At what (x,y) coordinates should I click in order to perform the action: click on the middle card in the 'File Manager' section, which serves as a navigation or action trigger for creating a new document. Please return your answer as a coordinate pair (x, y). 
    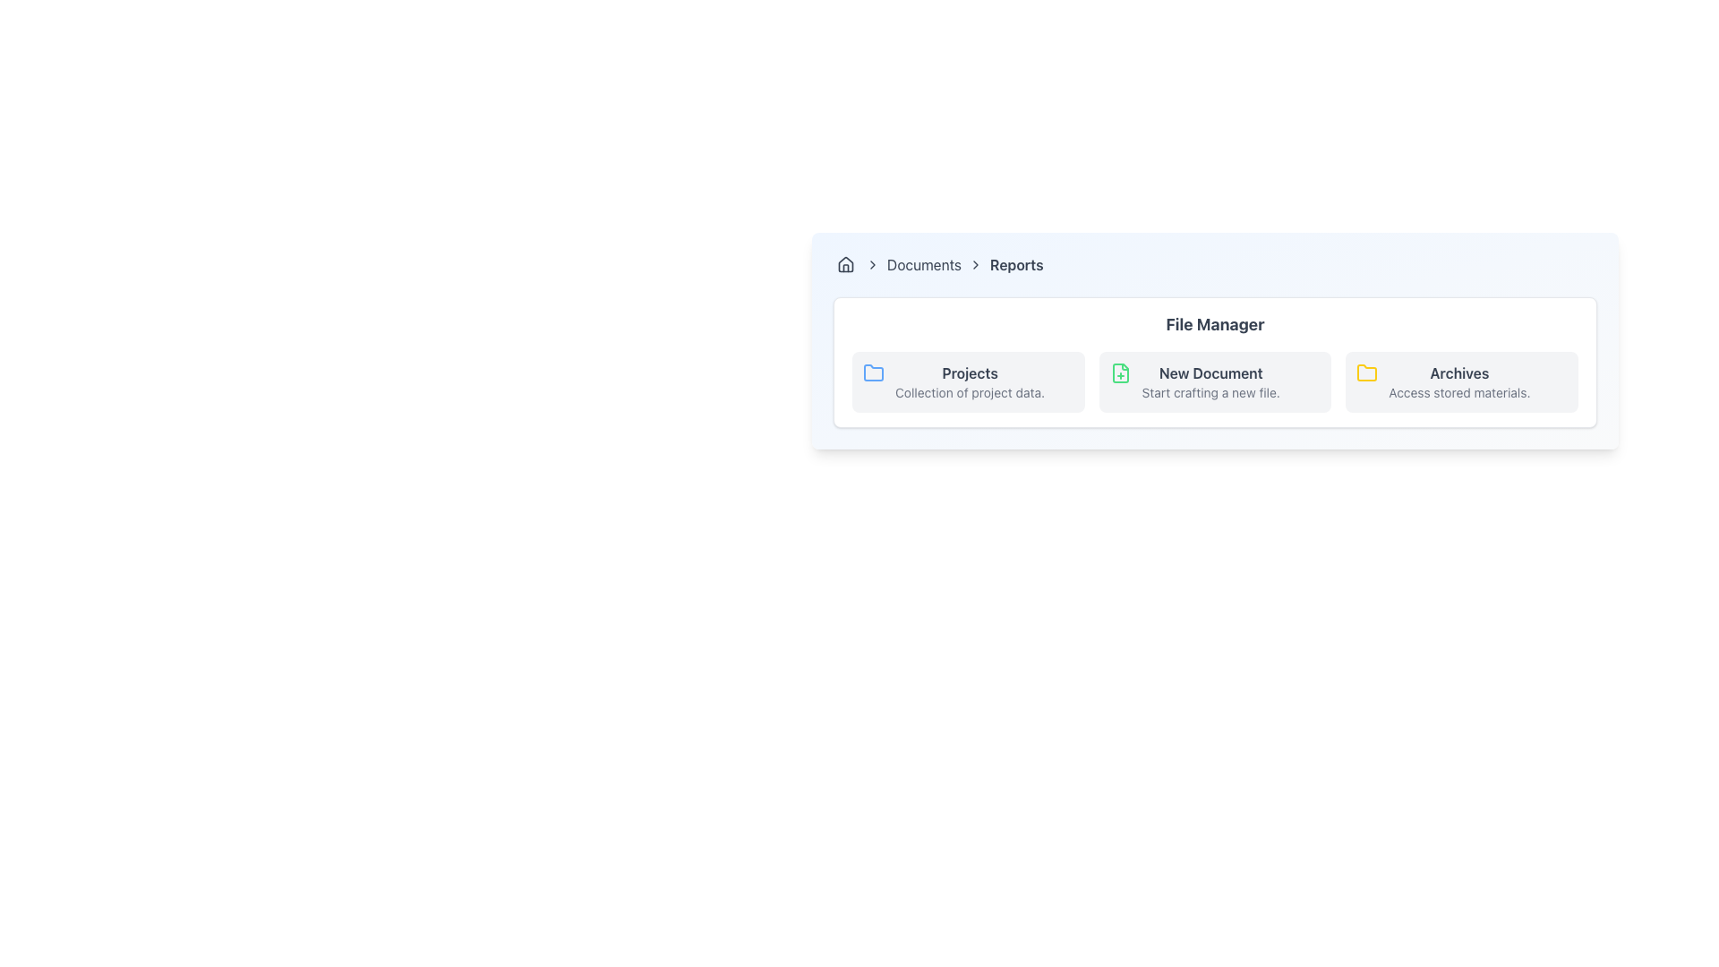
    Looking at the image, I should click on (1215, 363).